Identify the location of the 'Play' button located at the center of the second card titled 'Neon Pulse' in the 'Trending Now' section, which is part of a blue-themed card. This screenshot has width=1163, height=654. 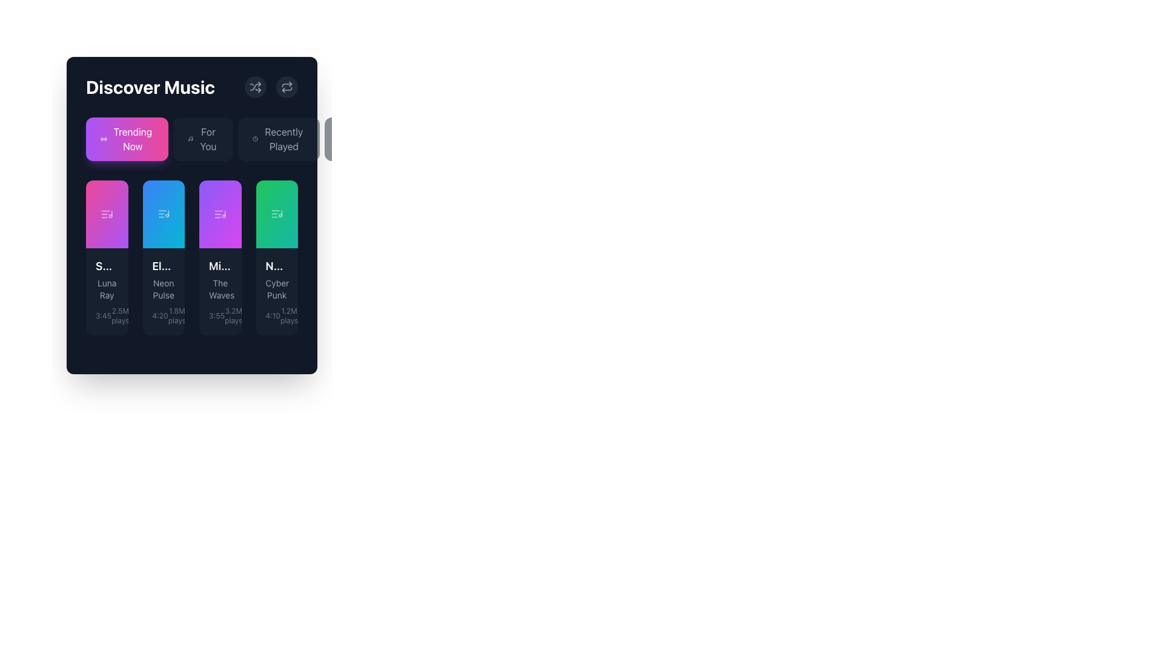
(163, 214).